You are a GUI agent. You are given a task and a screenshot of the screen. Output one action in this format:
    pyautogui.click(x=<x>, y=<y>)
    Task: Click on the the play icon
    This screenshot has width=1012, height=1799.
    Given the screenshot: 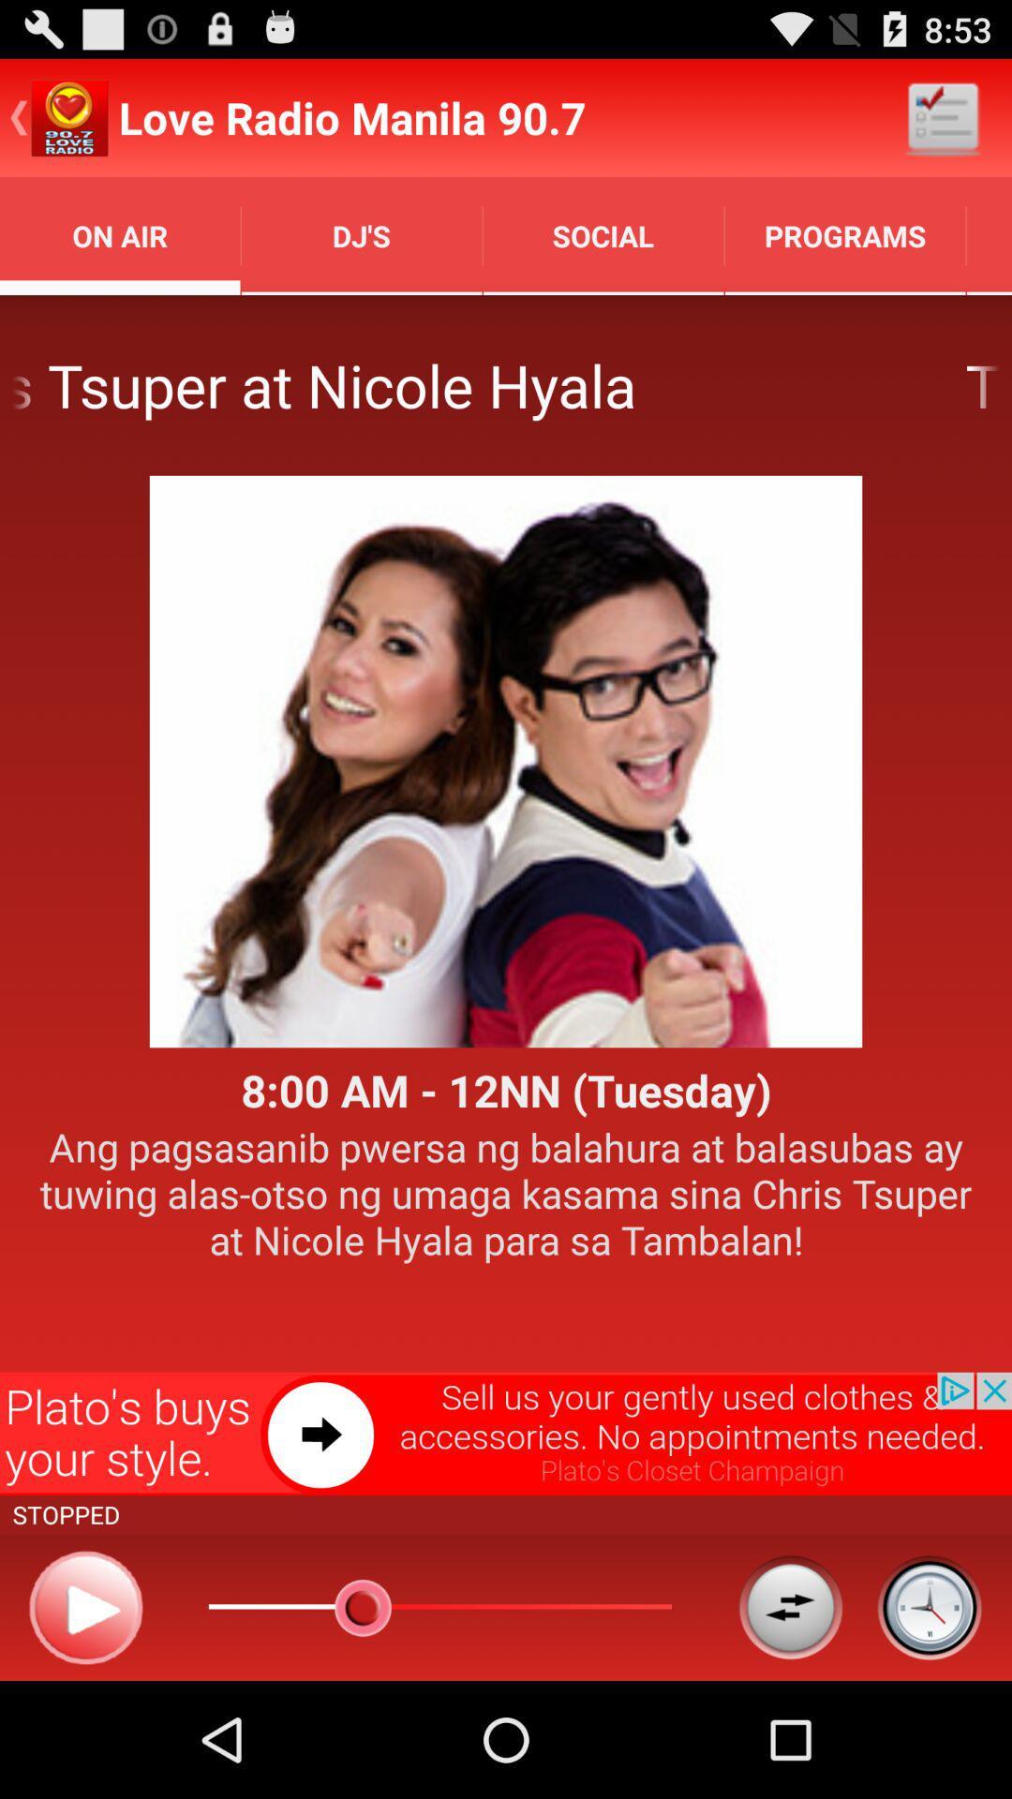 What is the action you would take?
    pyautogui.click(x=85, y=1720)
    